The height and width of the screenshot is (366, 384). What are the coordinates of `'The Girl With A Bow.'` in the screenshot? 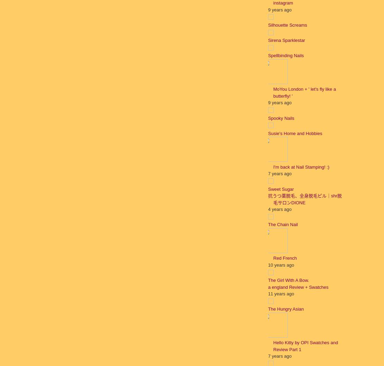 It's located at (268, 280).